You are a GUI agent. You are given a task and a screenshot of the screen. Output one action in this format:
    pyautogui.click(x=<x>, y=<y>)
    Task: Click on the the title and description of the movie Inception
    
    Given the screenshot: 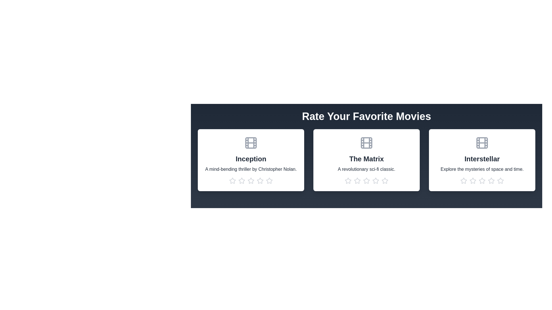 What is the action you would take?
    pyautogui.click(x=251, y=159)
    